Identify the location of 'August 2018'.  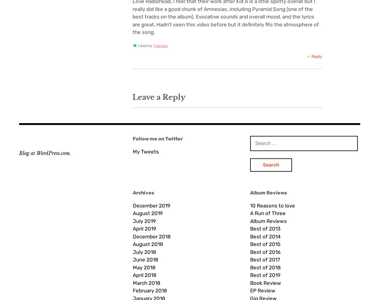
(147, 244).